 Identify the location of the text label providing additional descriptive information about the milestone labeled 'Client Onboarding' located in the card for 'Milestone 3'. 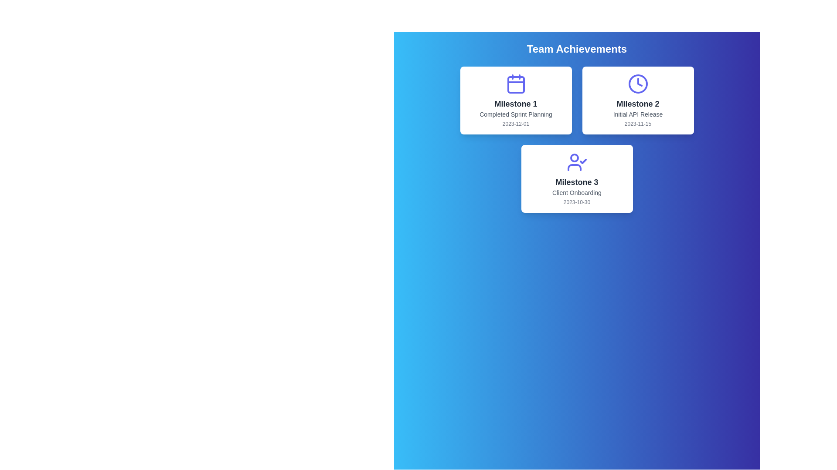
(577, 192).